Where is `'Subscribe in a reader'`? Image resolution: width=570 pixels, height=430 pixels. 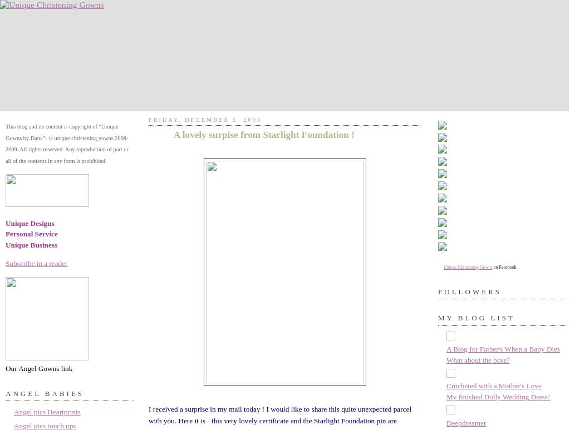 'Subscribe in a reader' is located at coordinates (36, 263).